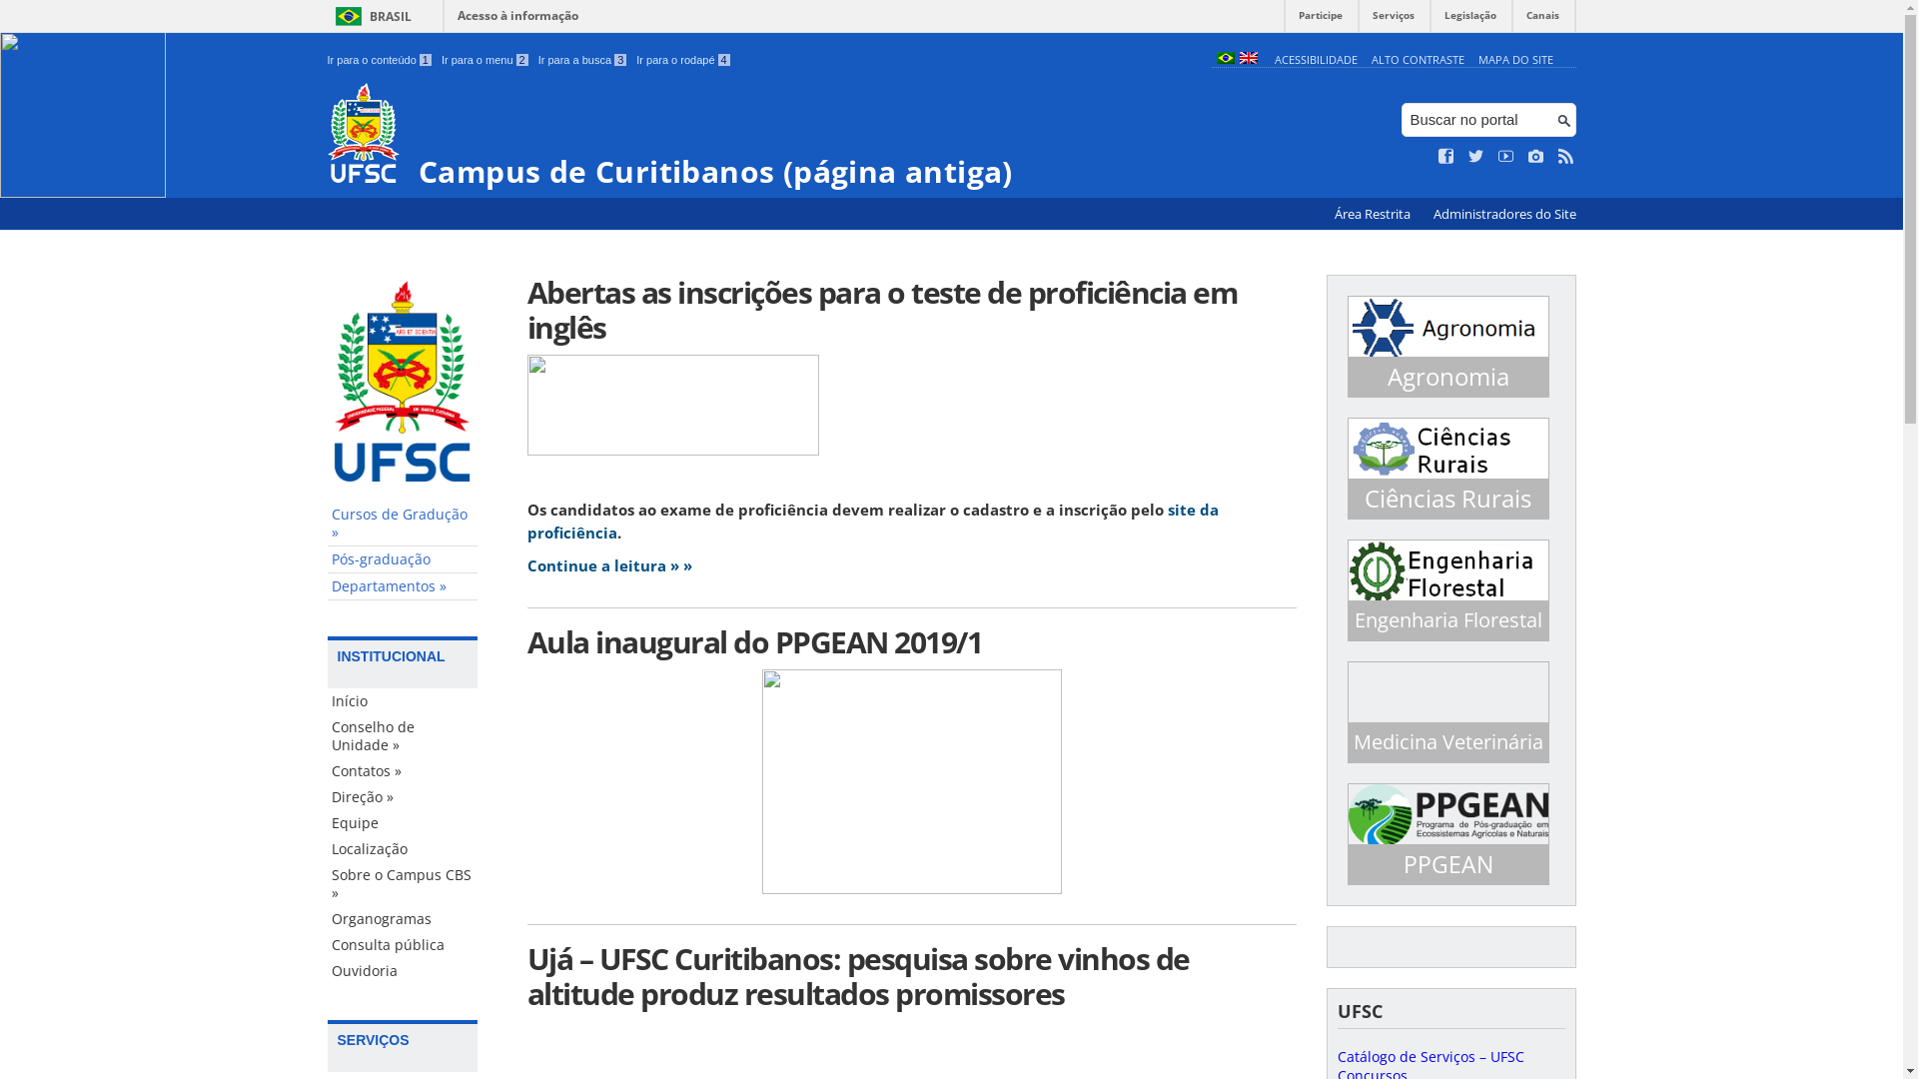 This screenshot has height=1079, width=1918. What do you see at coordinates (370, 16) in the screenshot?
I see `'BRASIL'` at bounding box center [370, 16].